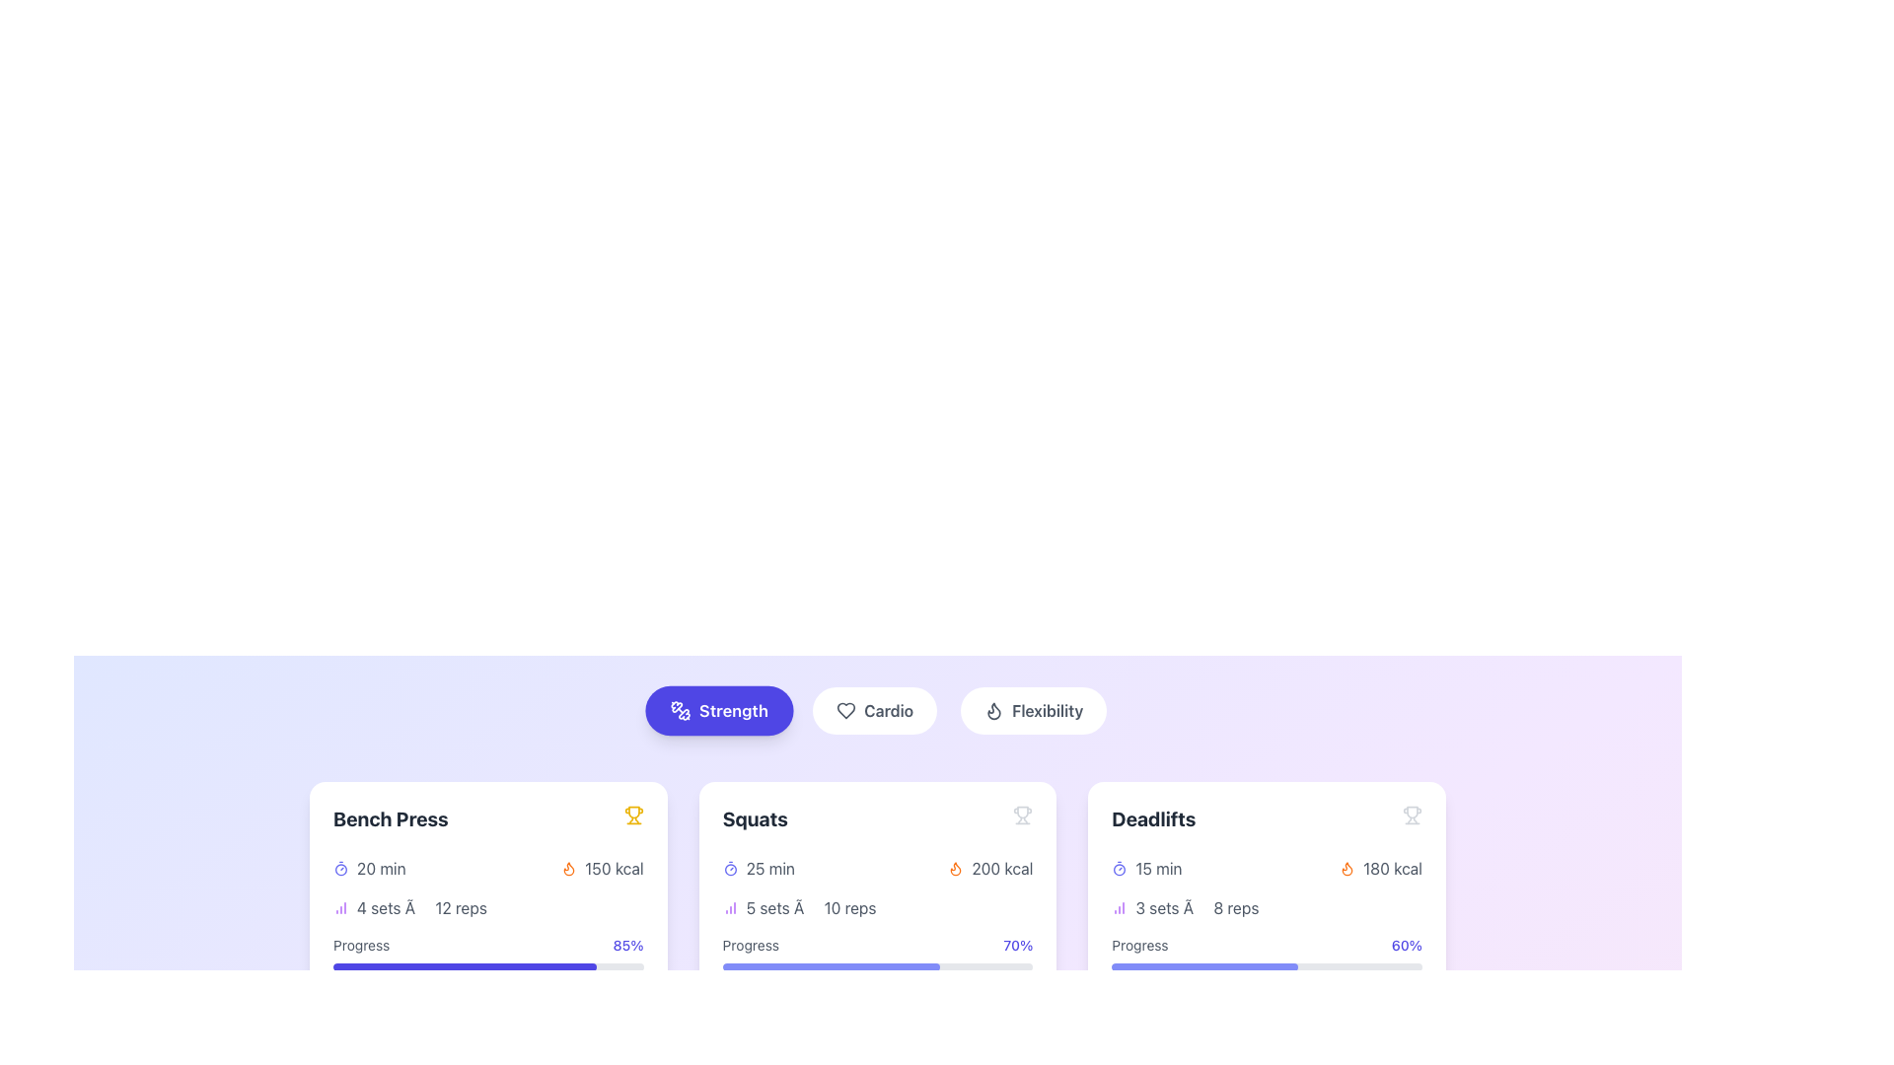 The height and width of the screenshot is (1065, 1894). What do you see at coordinates (1203, 965) in the screenshot?
I see `the filled segment of the progress bar indicating 60% completion in the 'Deadlifts' section at the bottom right` at bounding box center [1203, 965].